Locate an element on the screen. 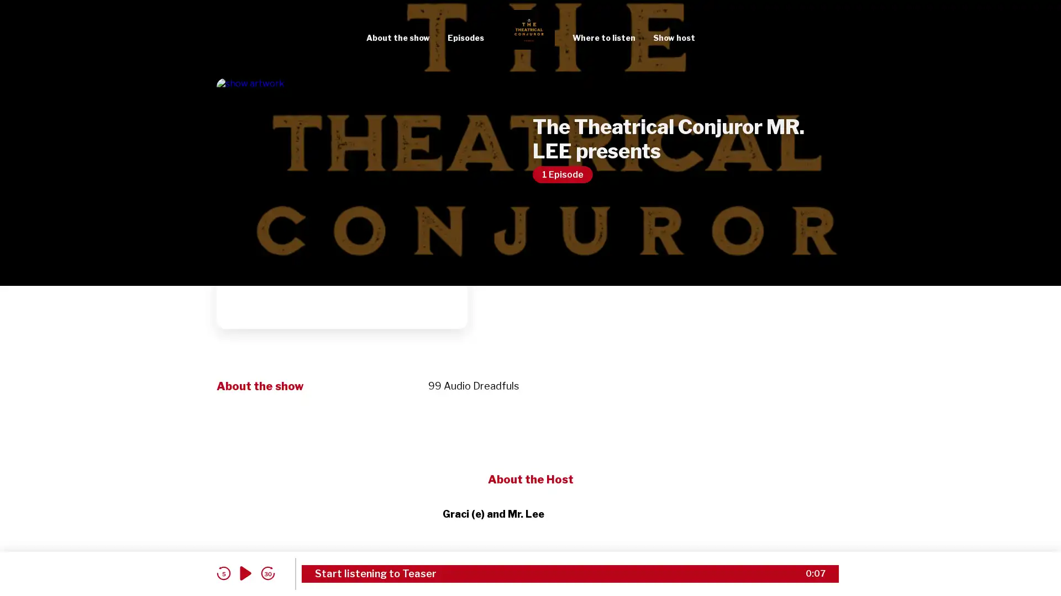 The image size is (1061, 596). skip back 5 seconds is located at coordinates (223, 573).